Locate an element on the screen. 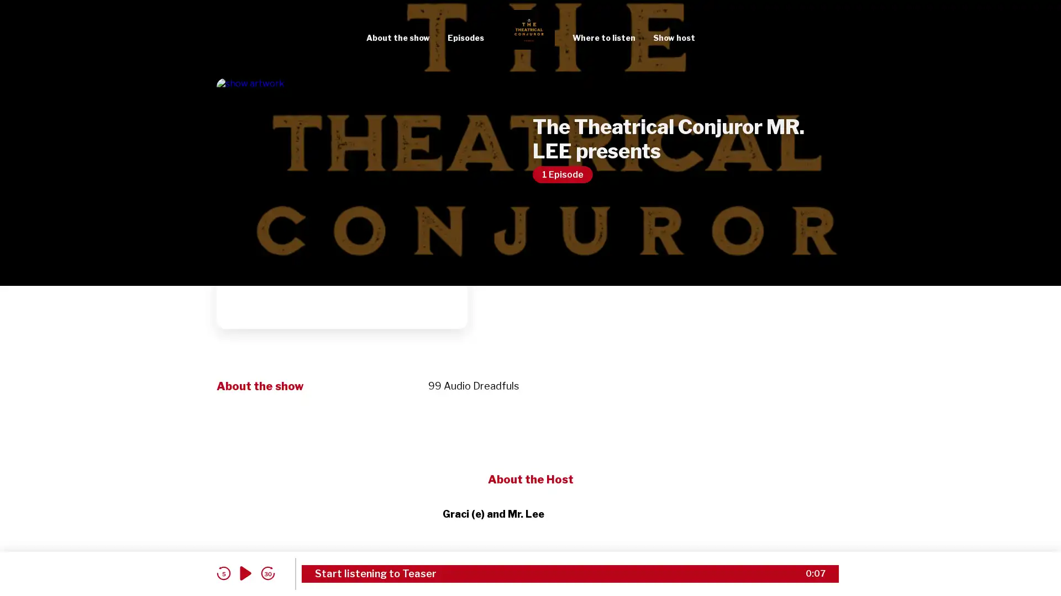 The image size is (1061, 596). skip back 5 seconds is located at coordinates (223, 573).